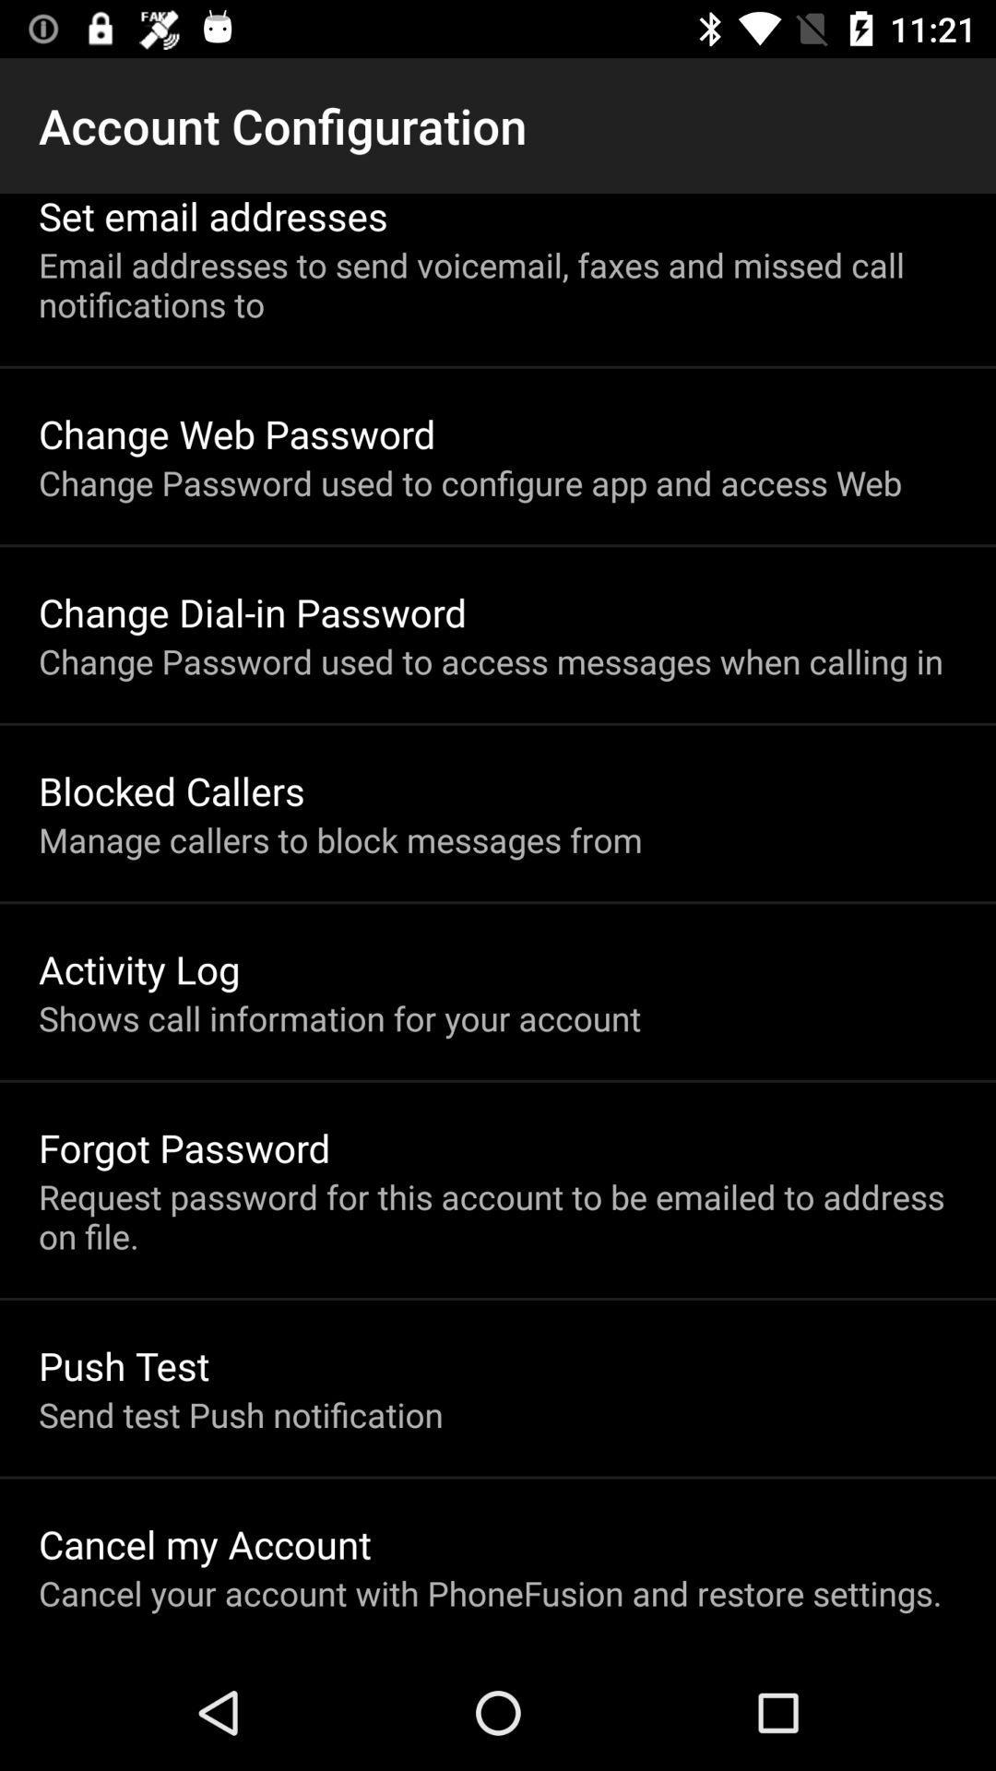 The width and height of the screenshot is (996, 1771). I want to click on app below the shows call information app, so click(184, 1147).